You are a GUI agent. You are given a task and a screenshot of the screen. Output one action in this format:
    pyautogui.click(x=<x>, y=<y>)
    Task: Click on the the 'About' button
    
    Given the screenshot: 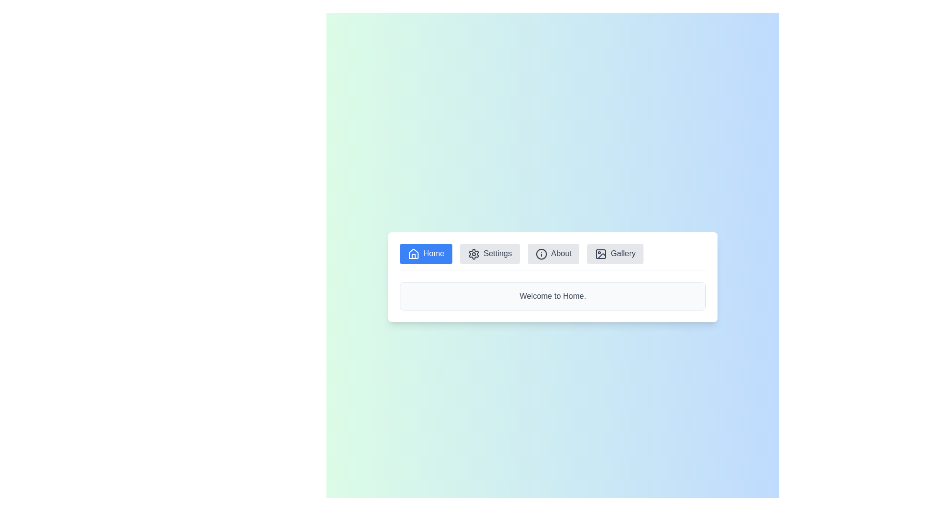 What is the action you would take?
    pyautogui.click(x=553, y=253)
    